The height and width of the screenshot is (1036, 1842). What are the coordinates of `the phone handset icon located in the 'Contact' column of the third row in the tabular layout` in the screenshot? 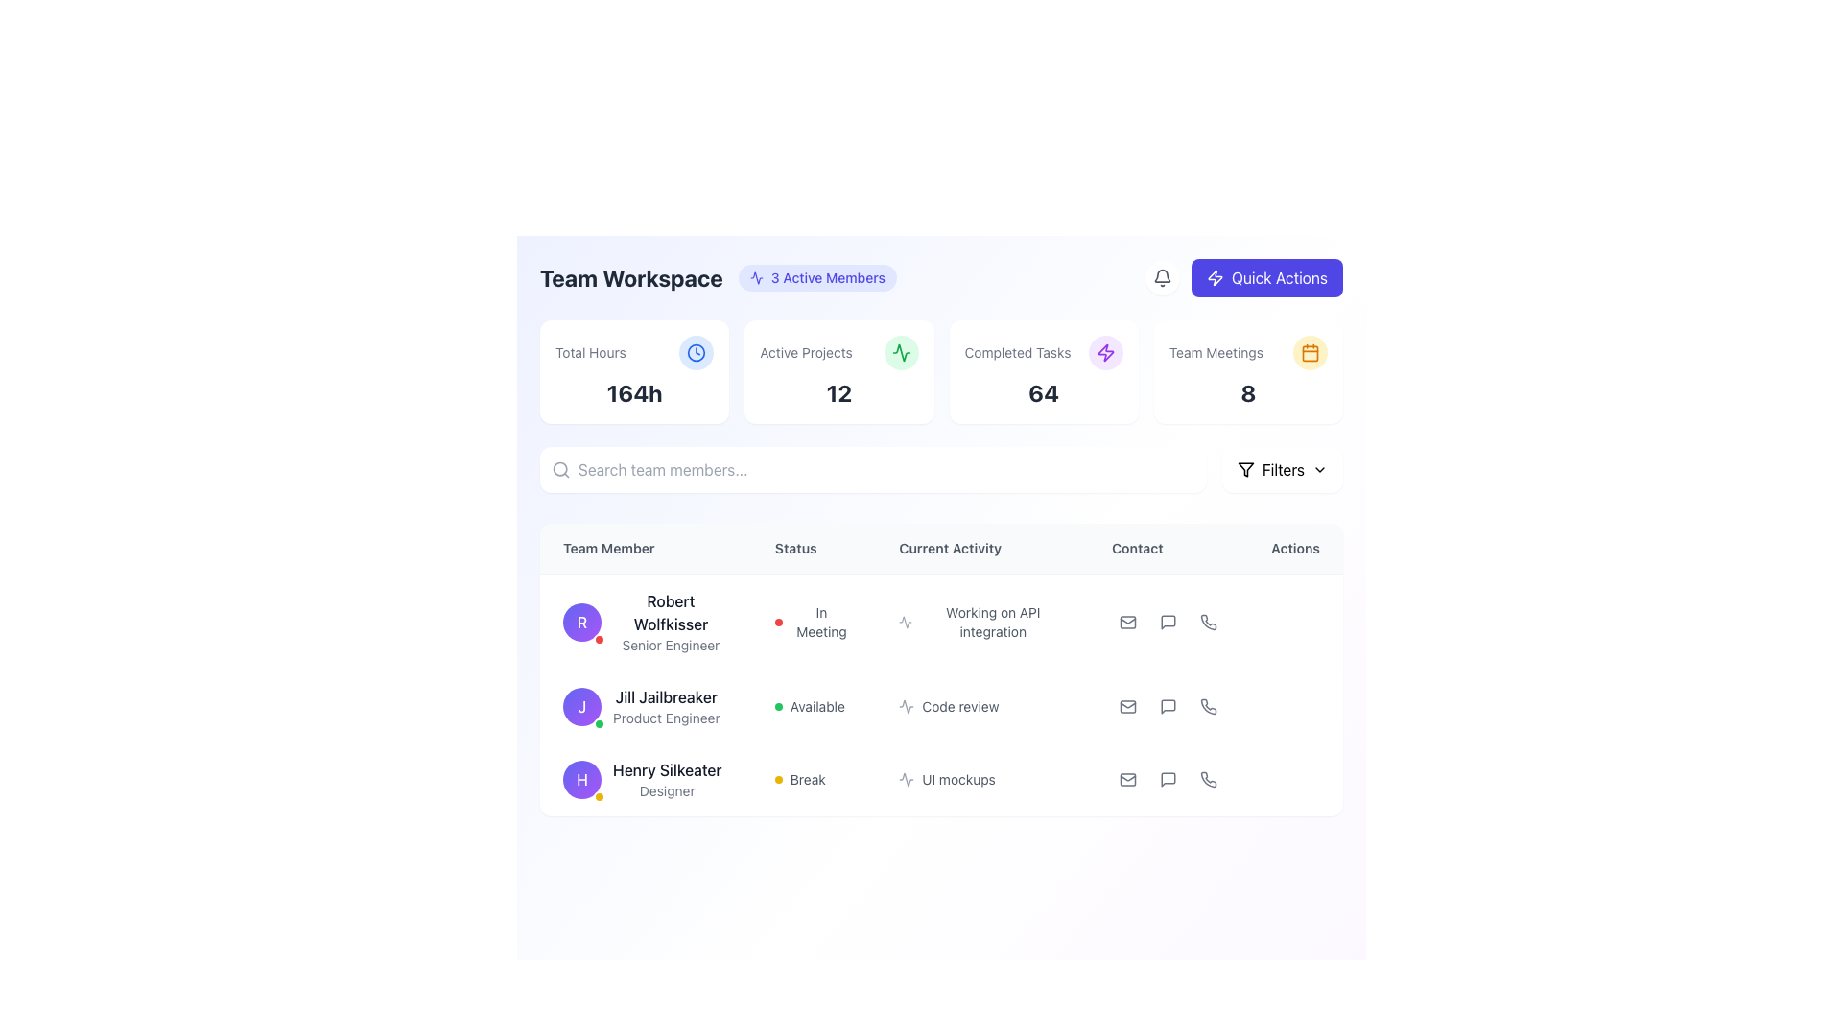 It's located at (1208, 780).